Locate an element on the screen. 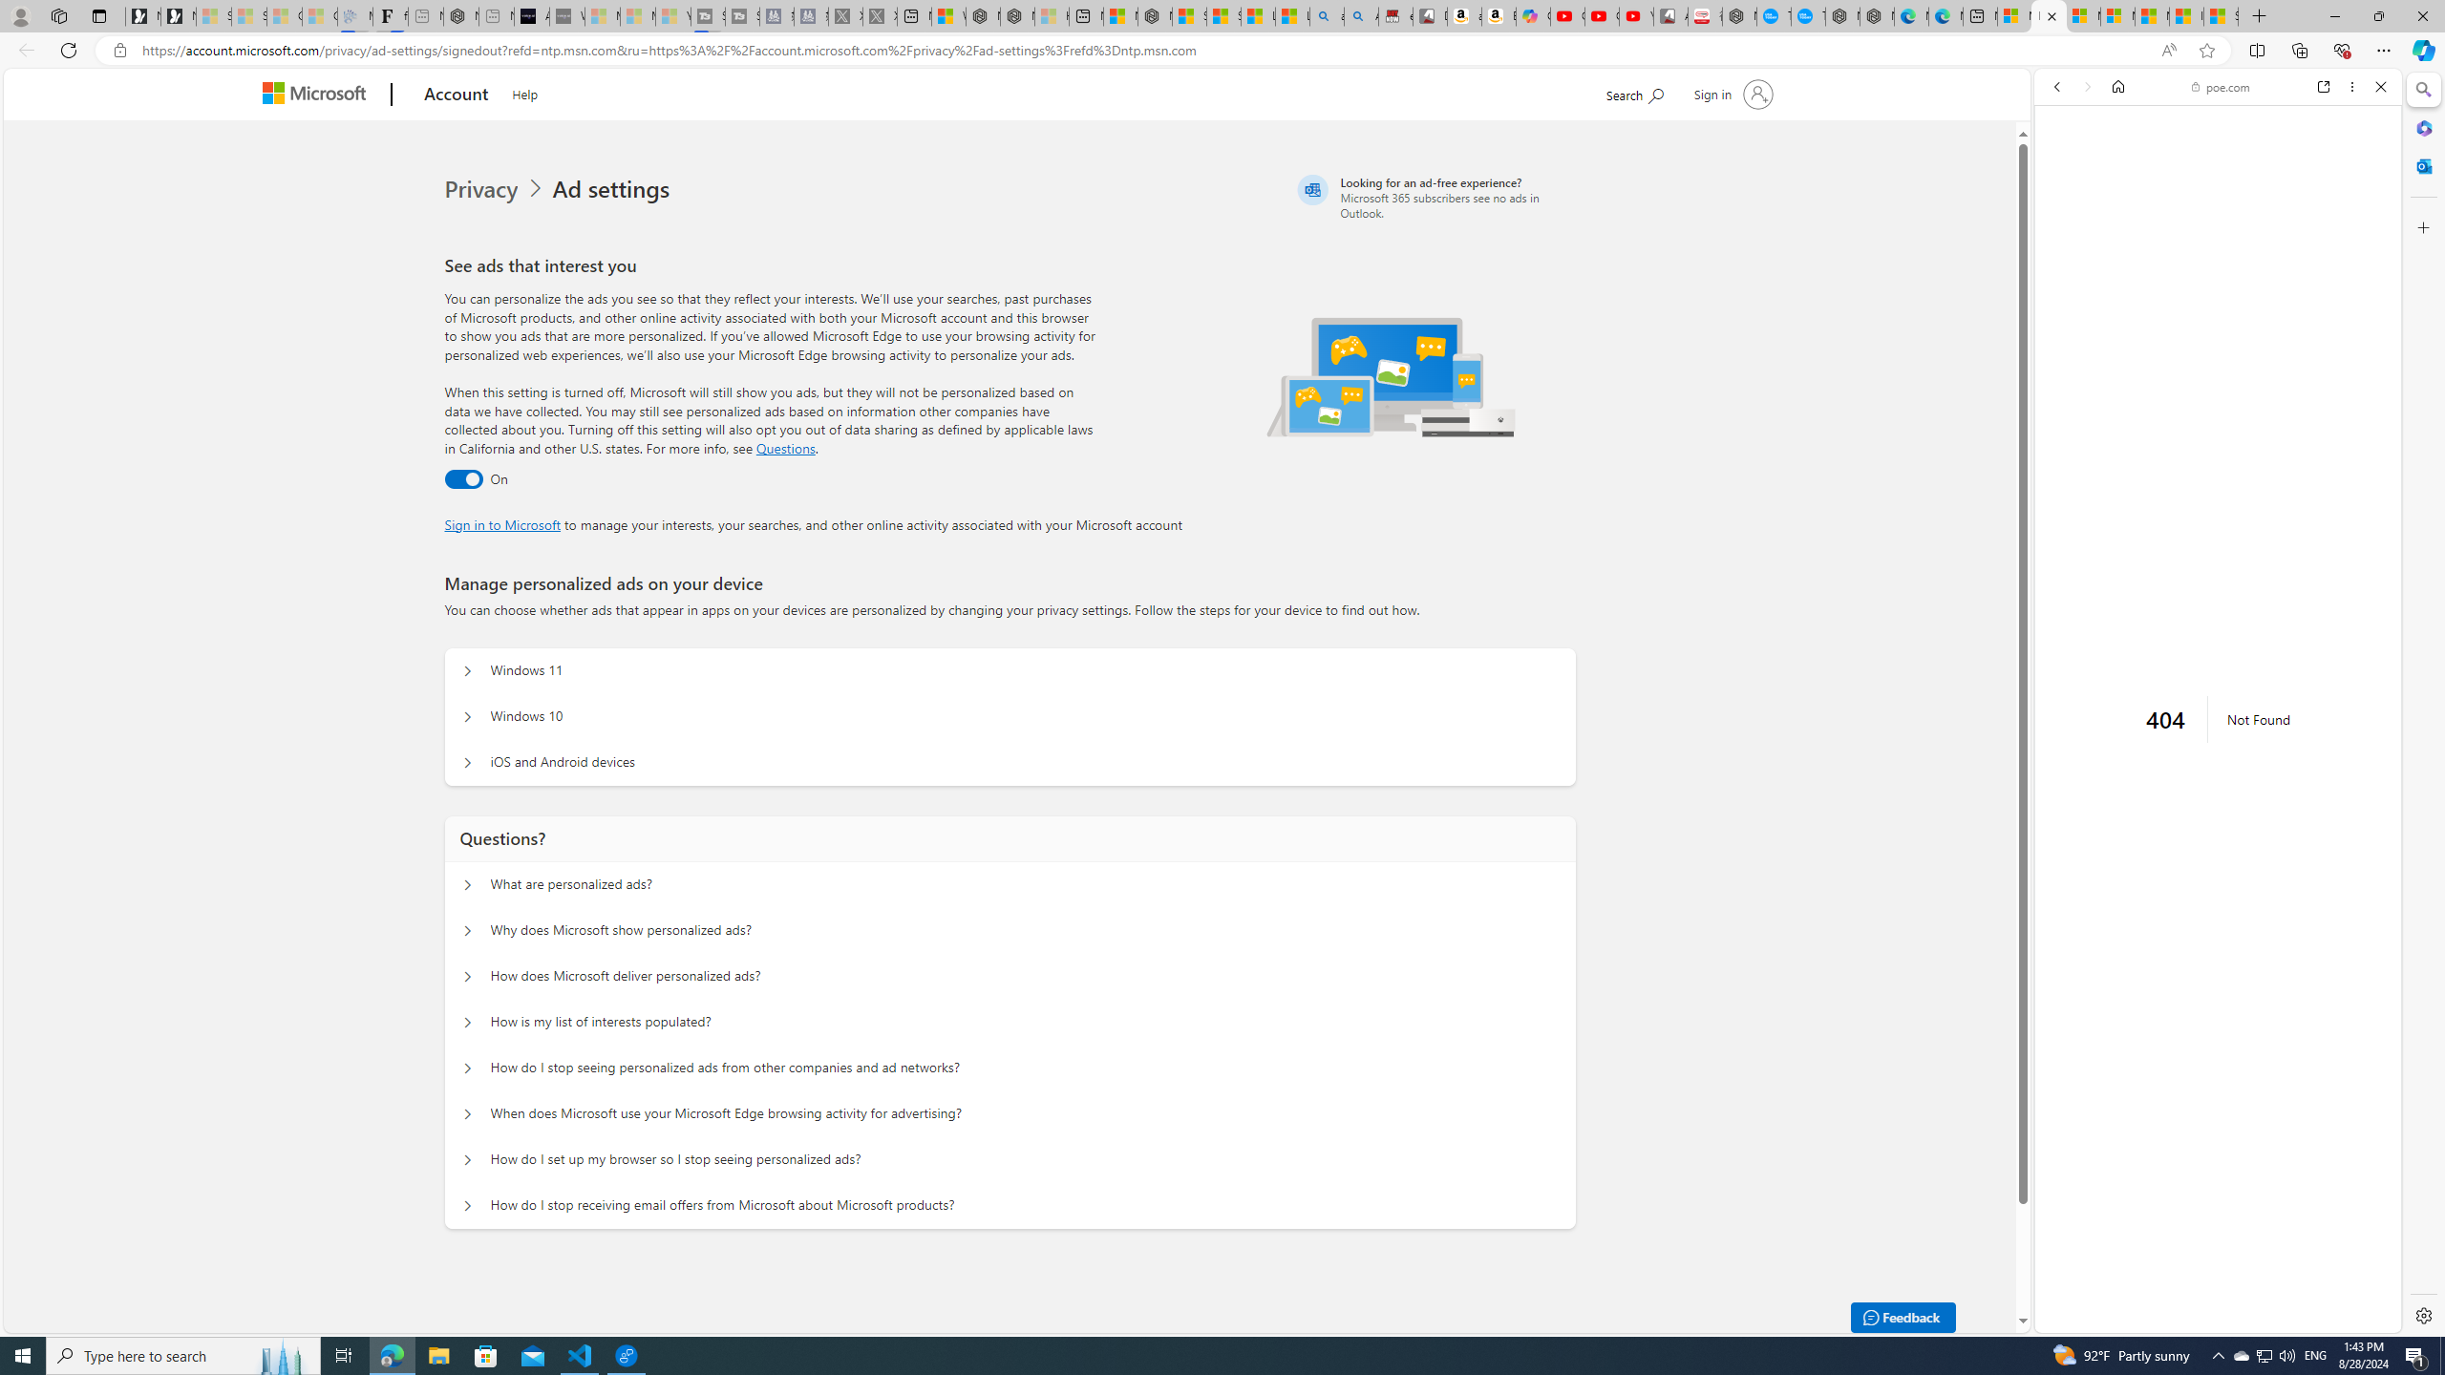  'Privacy' is located at coordinates (482, 189).